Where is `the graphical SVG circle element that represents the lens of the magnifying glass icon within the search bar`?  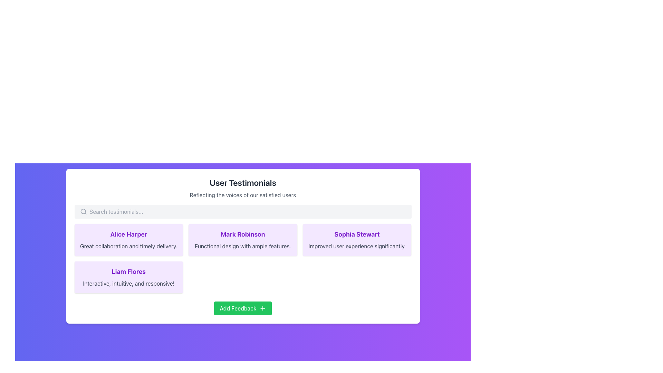 the graphical SVG circle element that represents the lens of the magnifying glass icon within the search bar is located at coordinates (83, 211).